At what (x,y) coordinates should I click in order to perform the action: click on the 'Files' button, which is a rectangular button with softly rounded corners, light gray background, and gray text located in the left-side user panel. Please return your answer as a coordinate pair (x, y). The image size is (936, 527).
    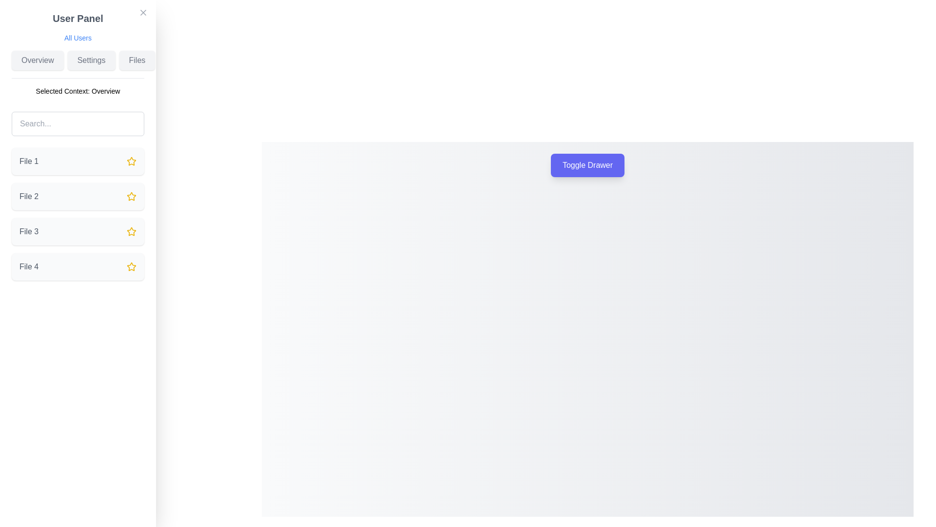
    Looking at the image, I should click on (136, 60).